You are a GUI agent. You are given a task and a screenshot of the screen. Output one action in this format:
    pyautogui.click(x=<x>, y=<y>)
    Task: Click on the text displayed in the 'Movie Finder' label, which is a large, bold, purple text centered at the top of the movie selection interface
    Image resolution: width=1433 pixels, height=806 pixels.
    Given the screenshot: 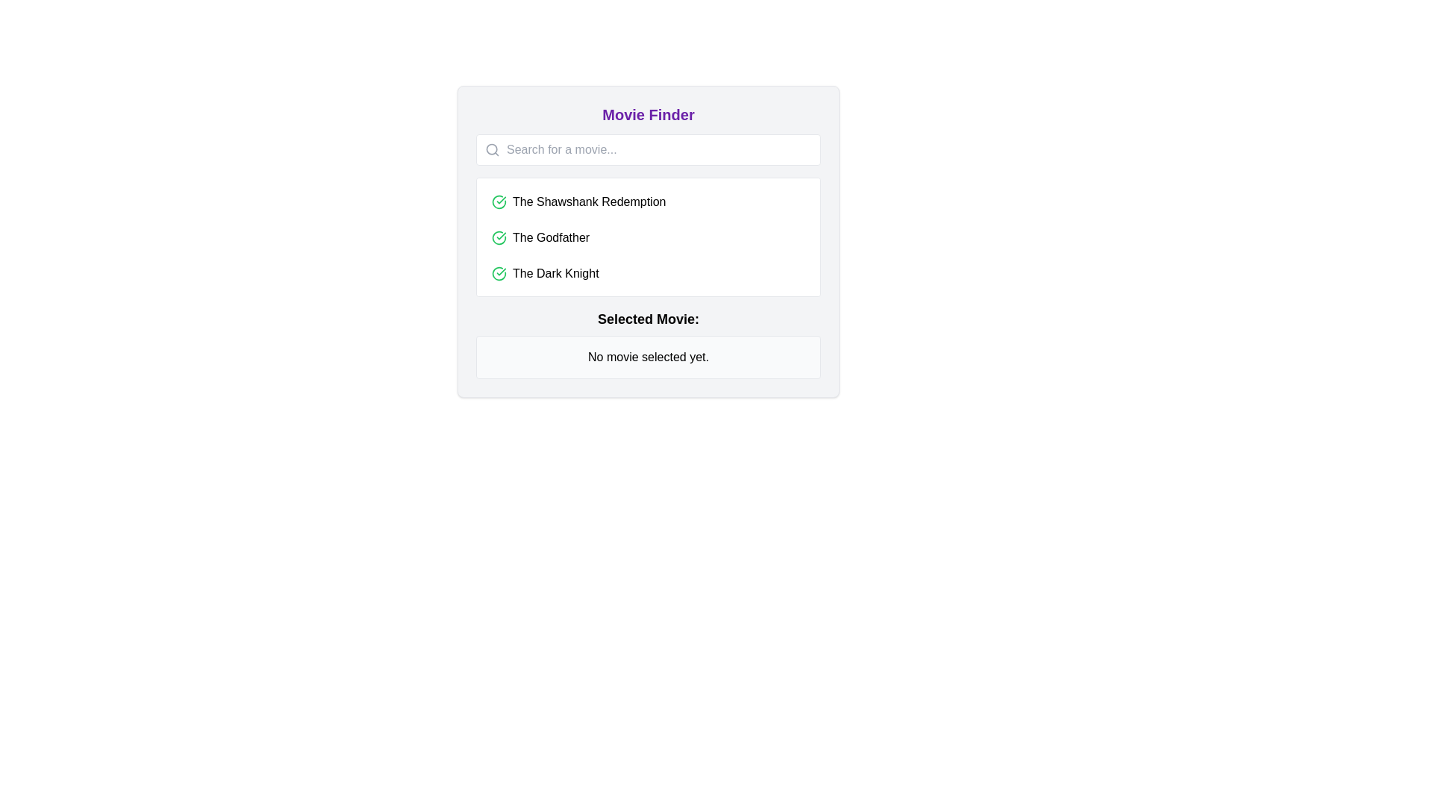 What is the action you would take?
    pyautogui.click(x=648, y=114)
    